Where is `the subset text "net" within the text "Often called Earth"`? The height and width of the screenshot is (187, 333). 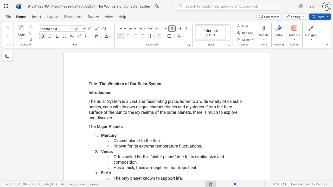
the subset text "net" within the text "Often called Earth" is located at coordinates (169, 156).